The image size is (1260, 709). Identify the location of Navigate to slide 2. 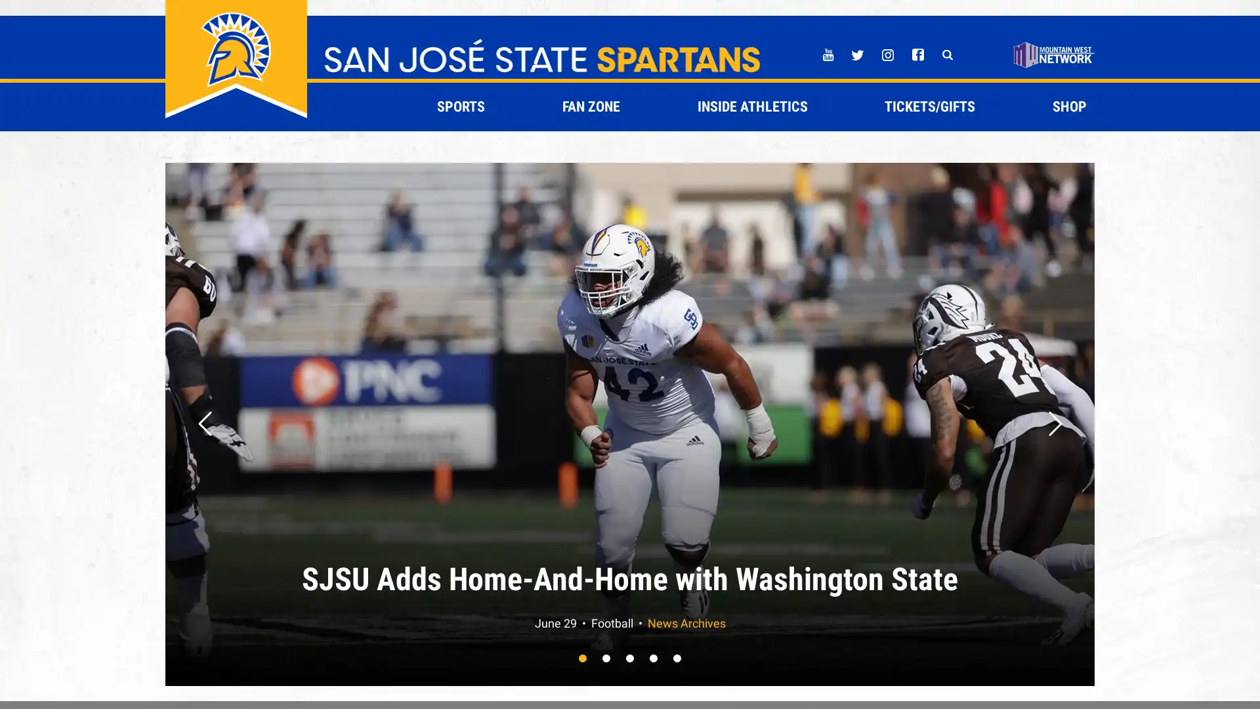
(606, 658).